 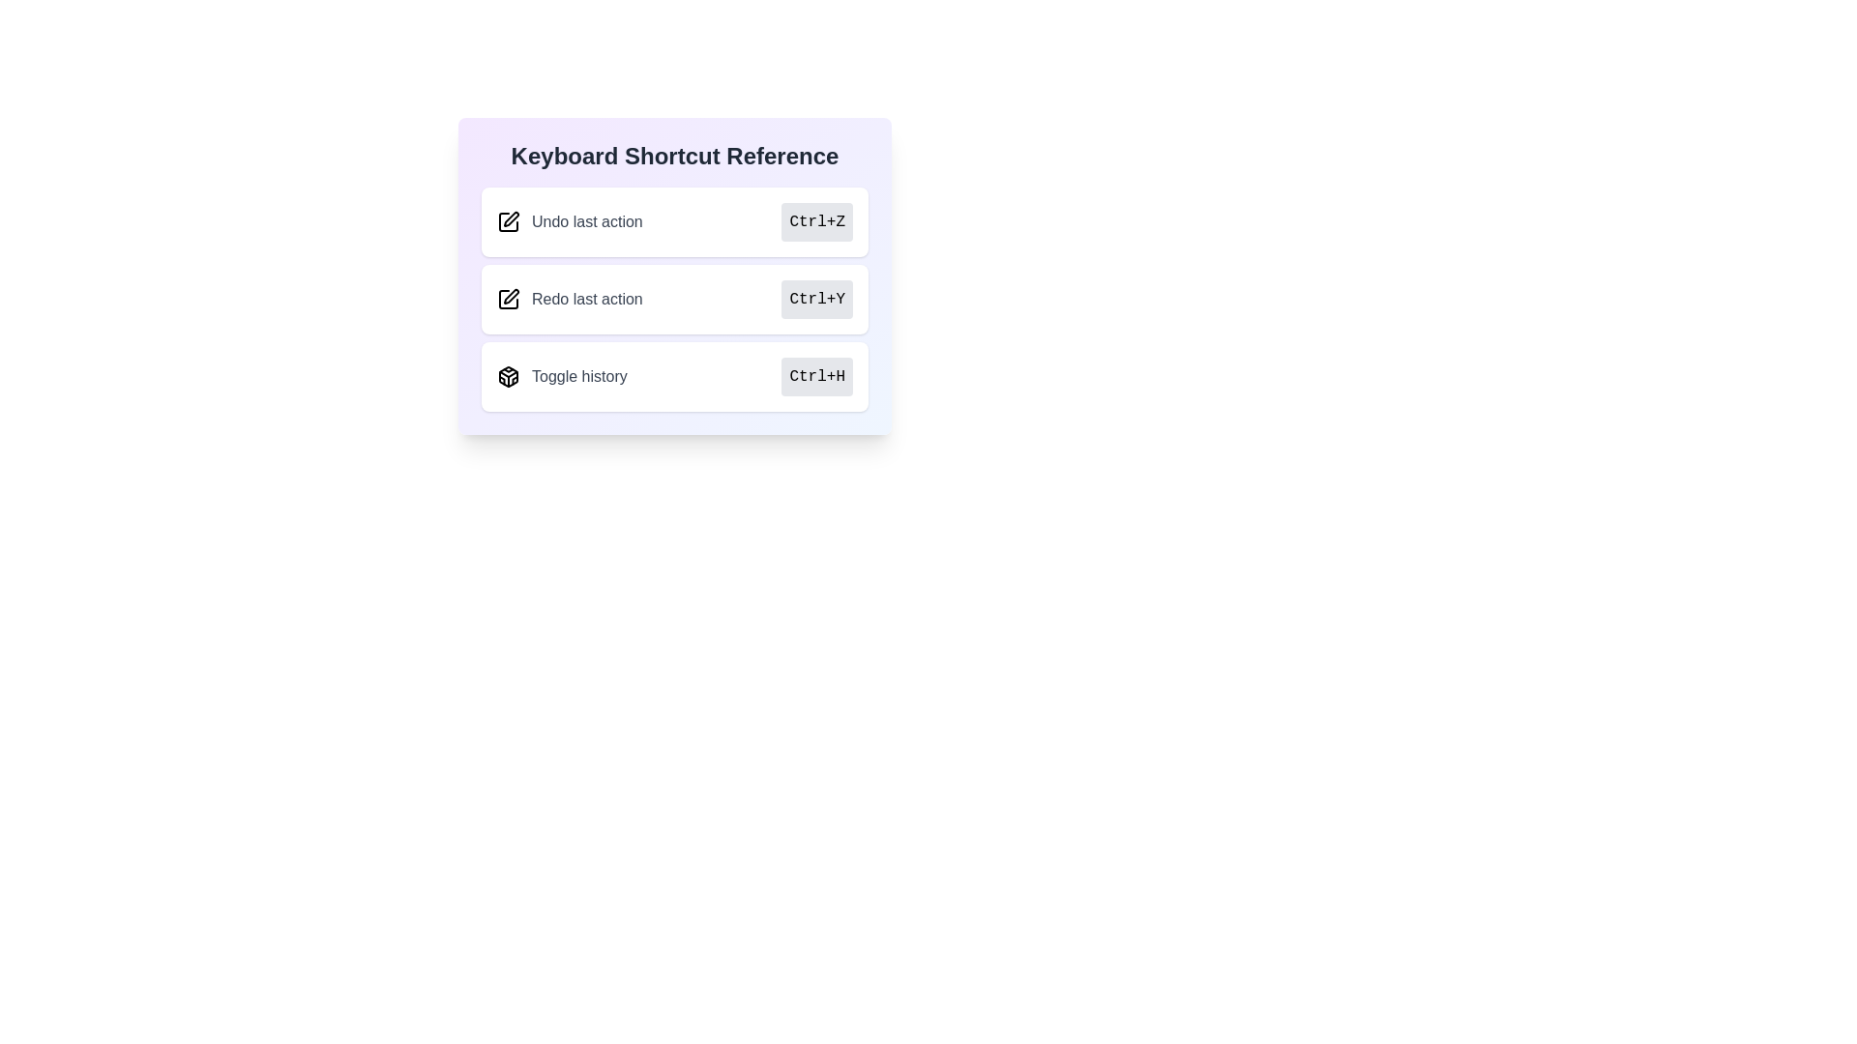 What do you see at coordinates (817, 376) in the screenshot?
I see `text content of the 'Ctrl+H' text-label within the shortcut display, which is located in the interactive area for 'Toggle history'` at bounding box center [817, 376].